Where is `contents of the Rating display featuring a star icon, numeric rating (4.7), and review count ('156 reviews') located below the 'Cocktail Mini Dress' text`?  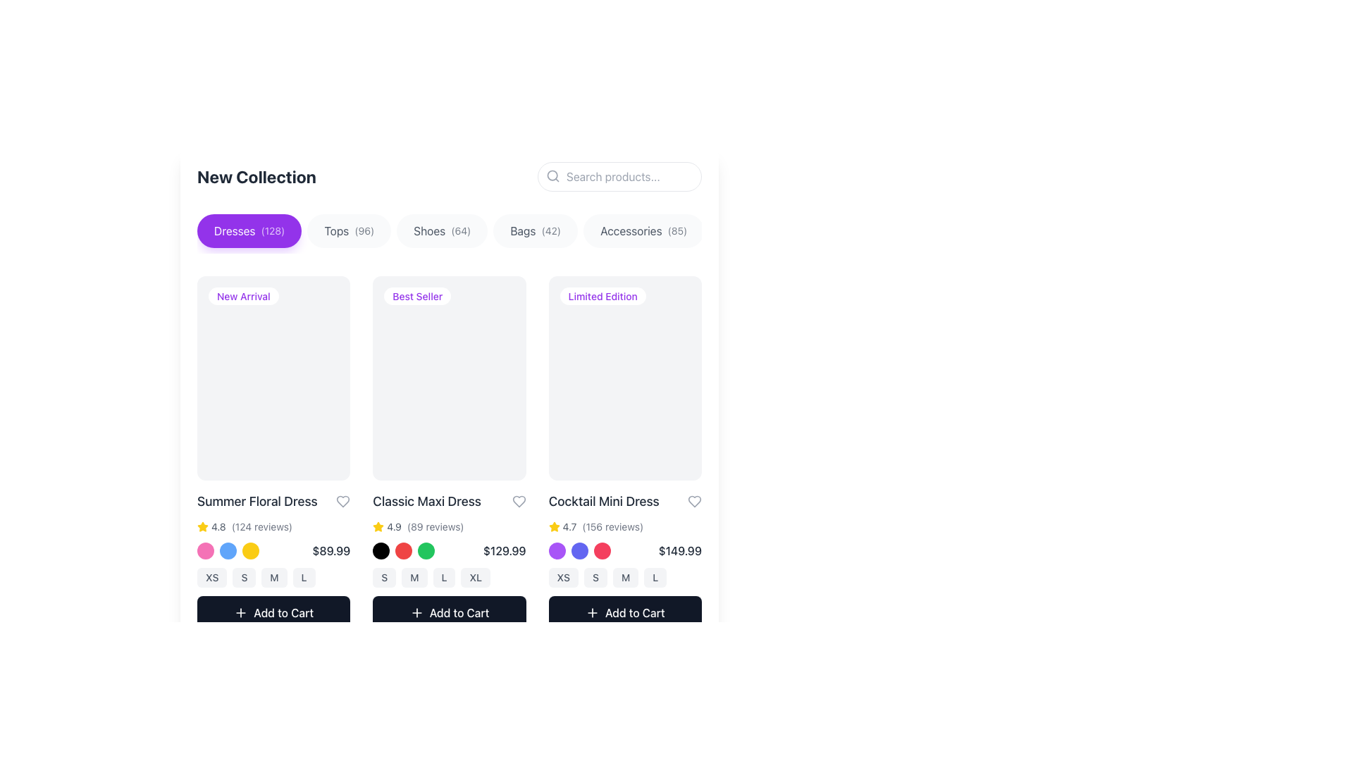 contents of the Rating display featuring a star icon, numeric rating (4.7), and review count ('156 reviews') located below the 'Cocktail Mini Dress' text is located at coordinates (624, 526).